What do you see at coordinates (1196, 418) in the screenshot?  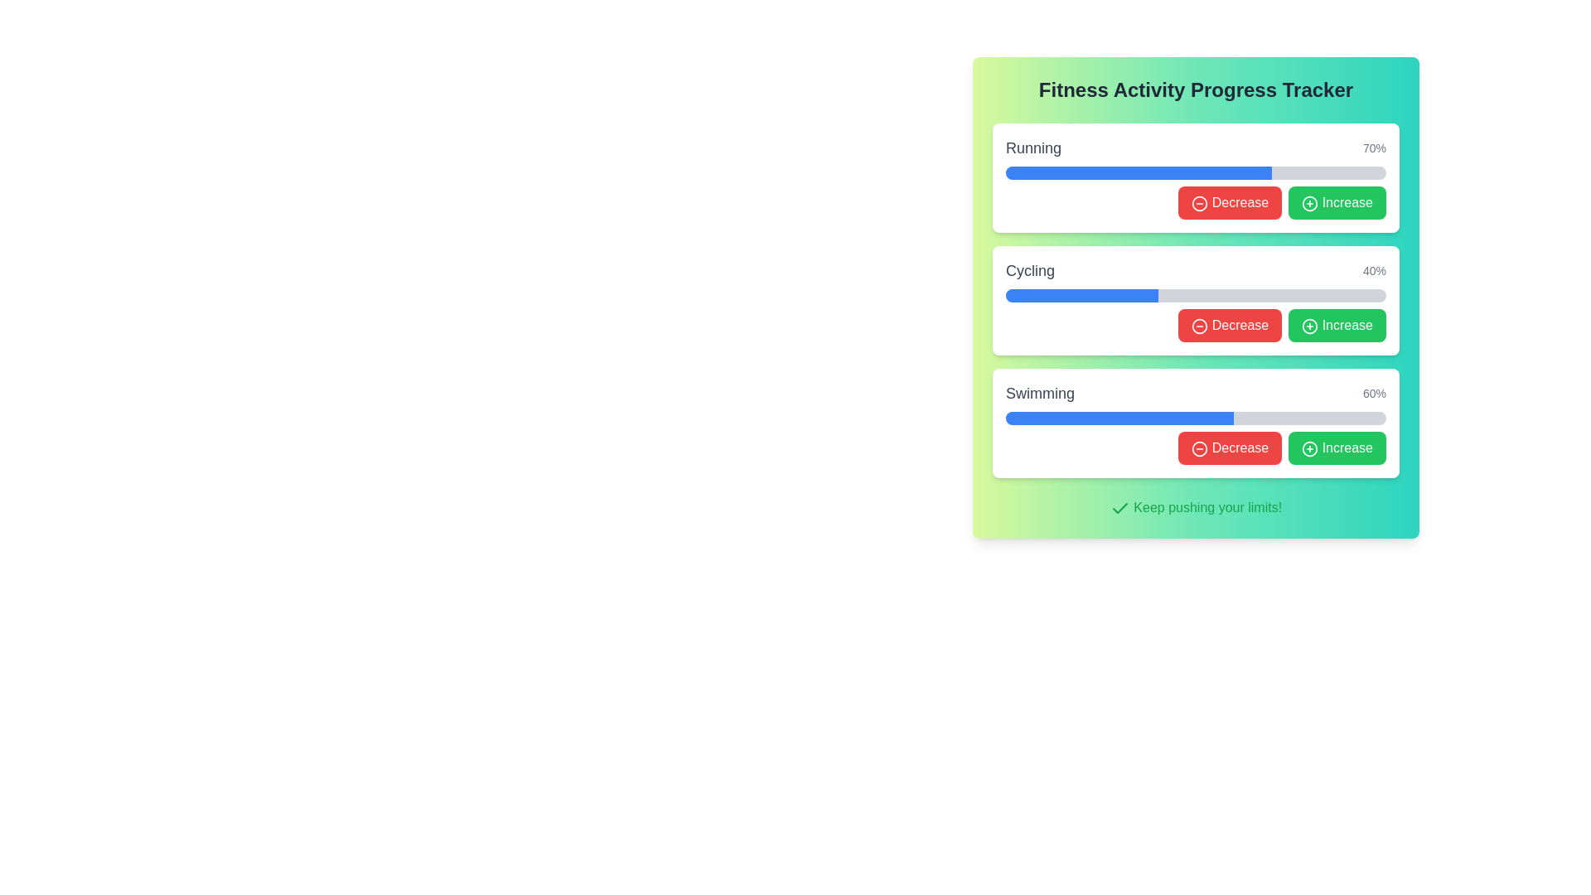 I see `the progress bar indicating 60% completion in the 'Swimming' activity tracker, located in the 'Fitness Activity Progress Tracker' interface` at bounding box center [1196, 418].